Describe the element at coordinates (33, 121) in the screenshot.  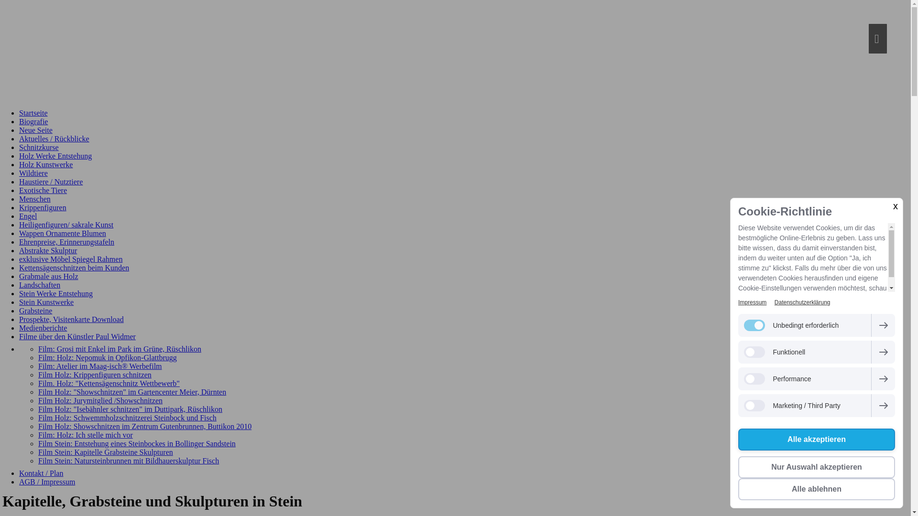
I see `'Biografie'` at that location.